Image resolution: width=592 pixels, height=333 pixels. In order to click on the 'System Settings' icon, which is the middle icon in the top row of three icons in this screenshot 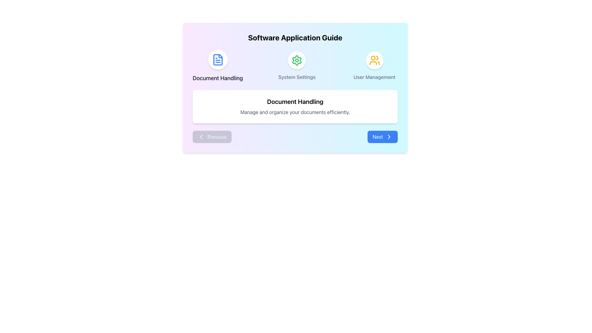, I will do `click(297, 60)`.